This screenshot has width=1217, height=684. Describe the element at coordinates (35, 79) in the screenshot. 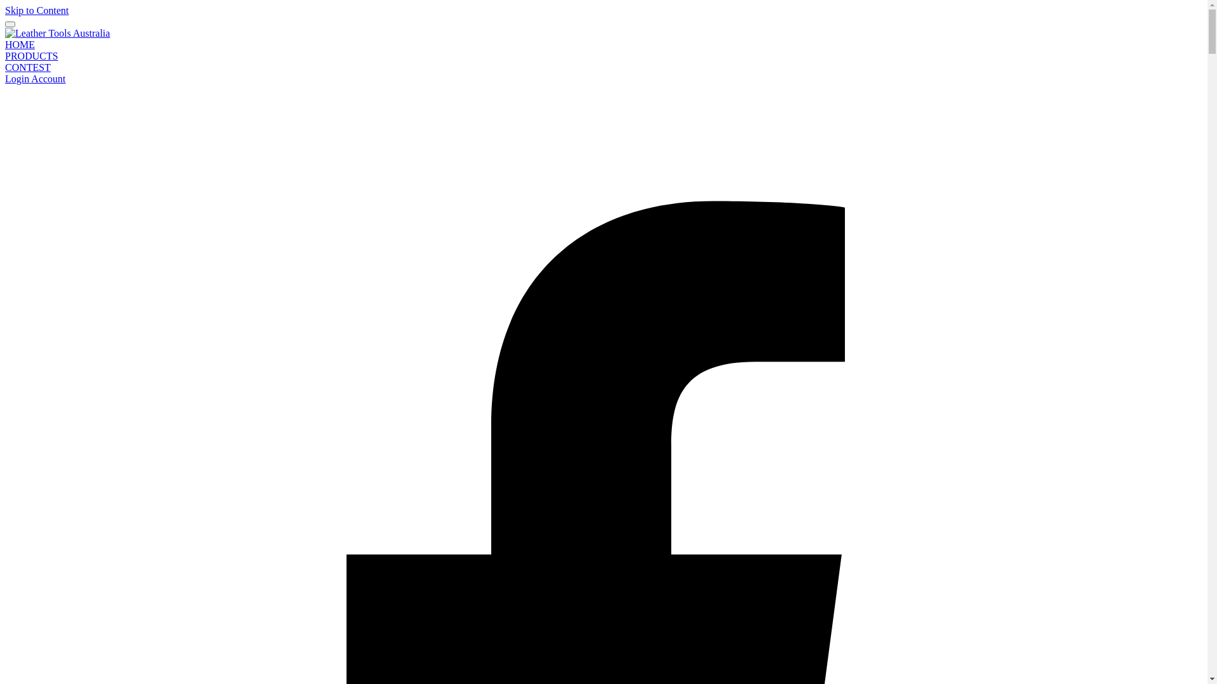

I see `'Login Account'` at that location.